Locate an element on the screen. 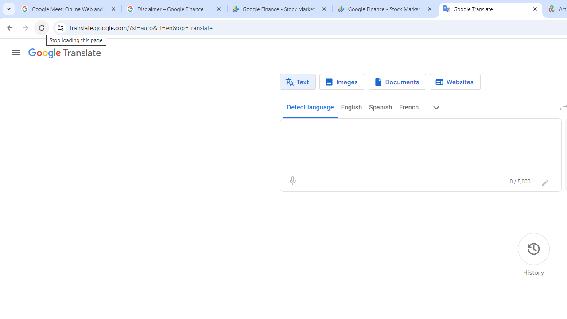 The image size is (567, 319). 'Detect language' is located at coordinates (310, 107).